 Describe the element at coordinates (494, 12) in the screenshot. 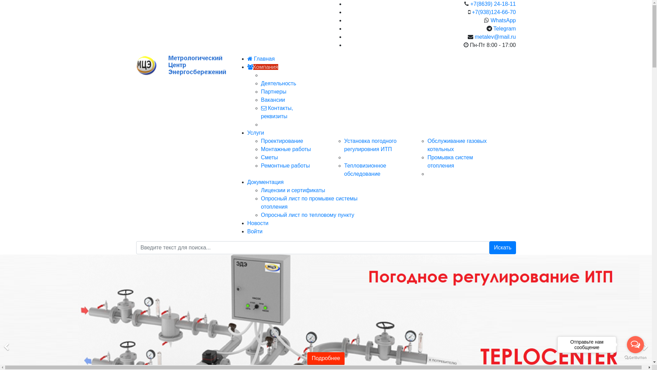

I see `'+7(938)124-66-70'` at that location.